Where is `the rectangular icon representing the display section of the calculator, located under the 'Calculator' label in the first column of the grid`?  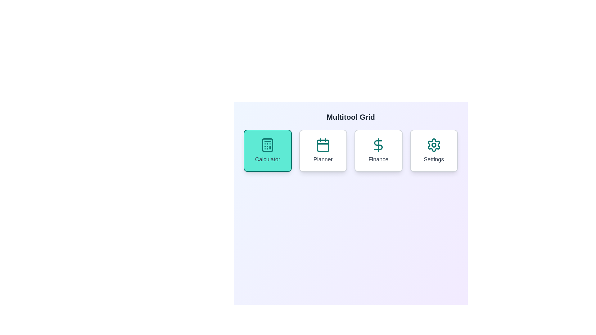
the rectangular icon representing the display section of the calculator, located under the 'Calculator' label in the first column of the grid is located at coordinates (268, 145).